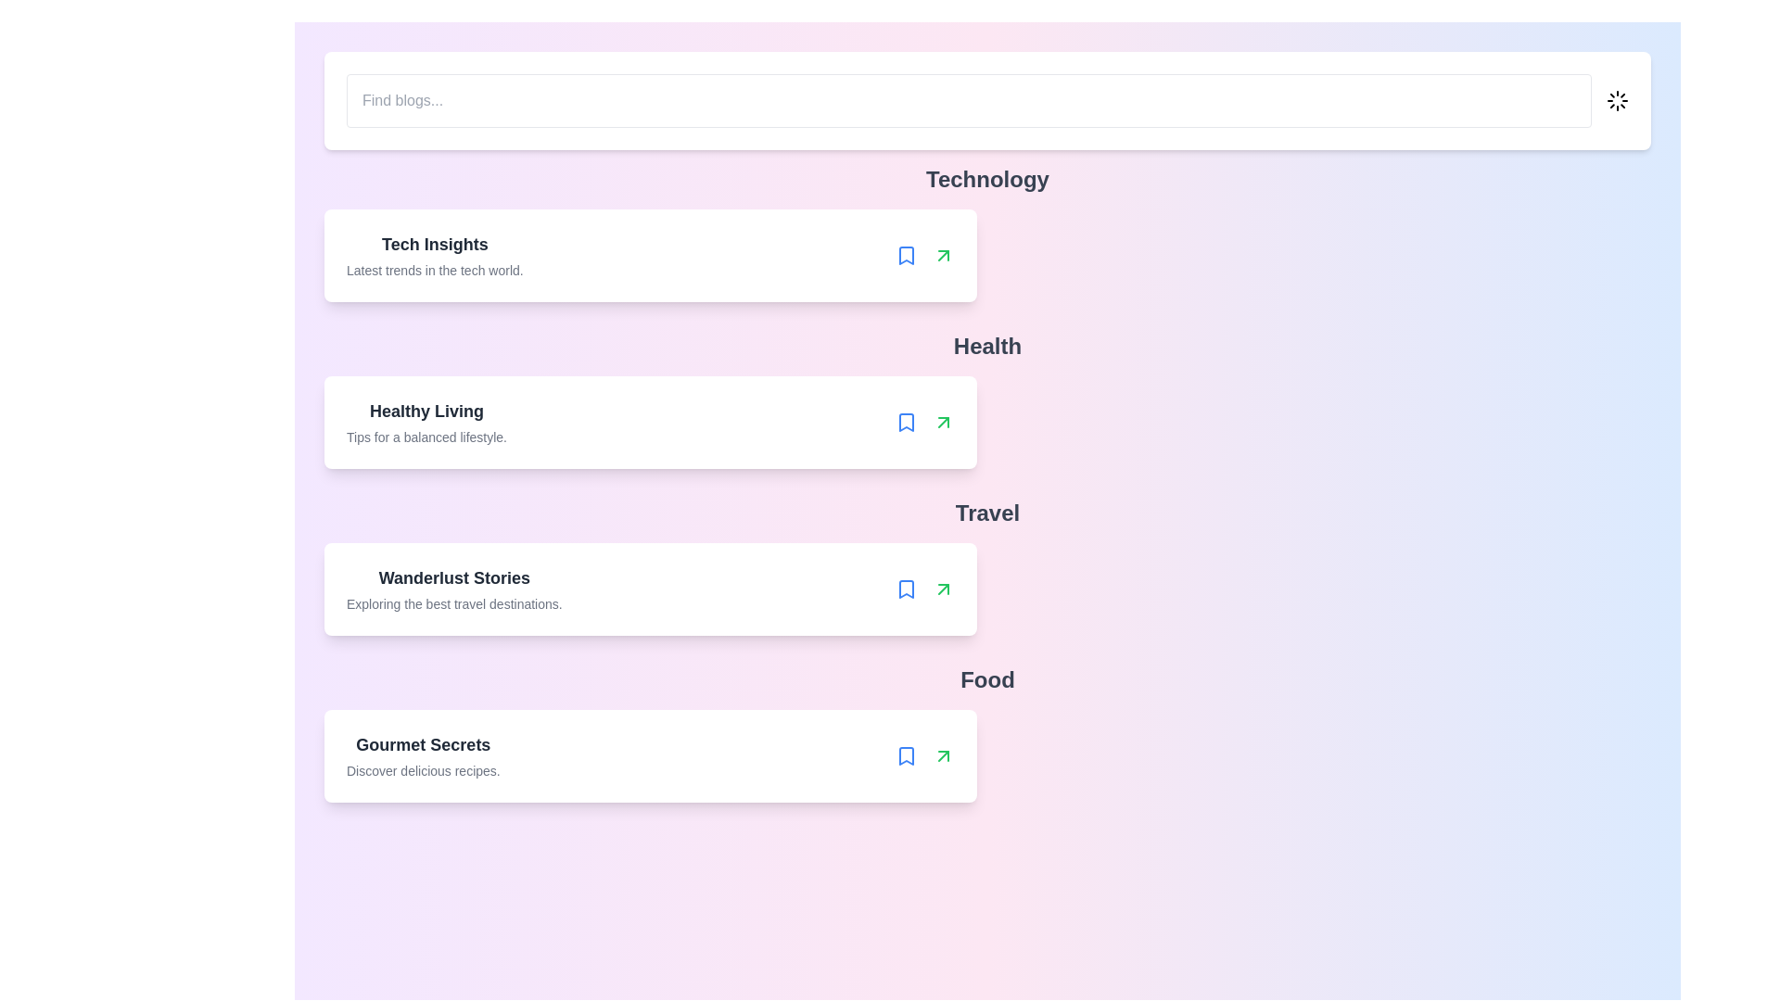  Describe the element at coordinates (906, 422) in the screenshot. I see `the bookmark icon located on the right-hand side of the 'Healthy Living' section to bookmark content` at that location.